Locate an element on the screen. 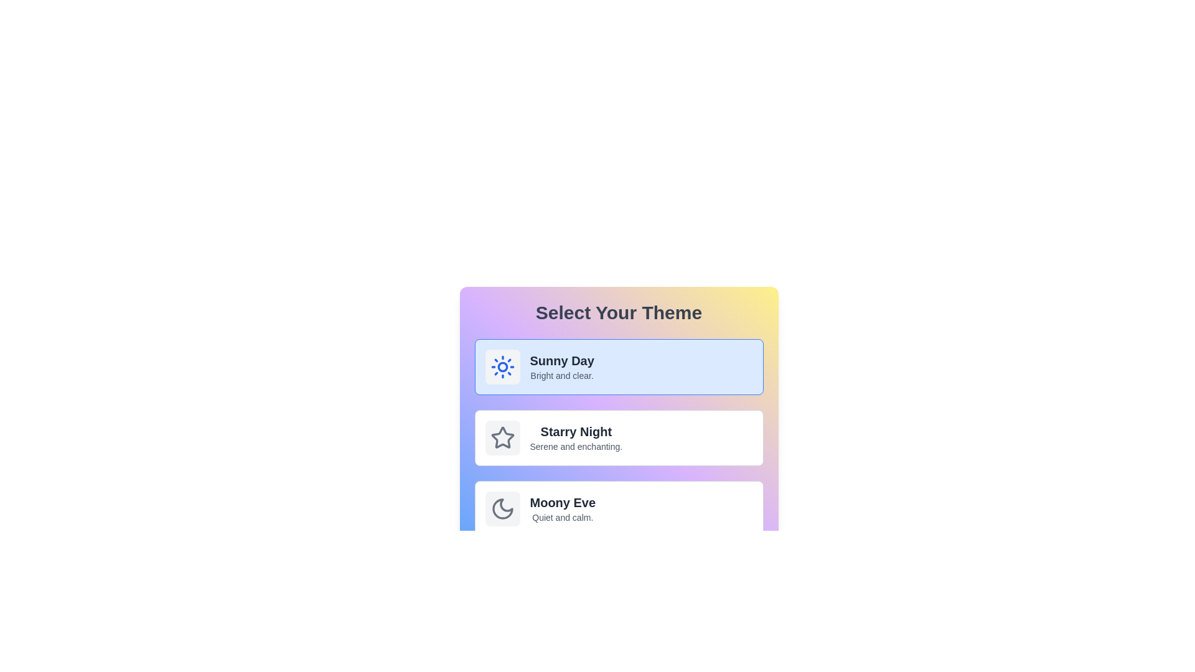 The height and width of the screenshot is (672, 1195). text content of the title and description in the Text block located in the third card item under the 'Select Your Theme' heading, which describes the theme 'Moony Eve.' is located at coordinates (562, 508).